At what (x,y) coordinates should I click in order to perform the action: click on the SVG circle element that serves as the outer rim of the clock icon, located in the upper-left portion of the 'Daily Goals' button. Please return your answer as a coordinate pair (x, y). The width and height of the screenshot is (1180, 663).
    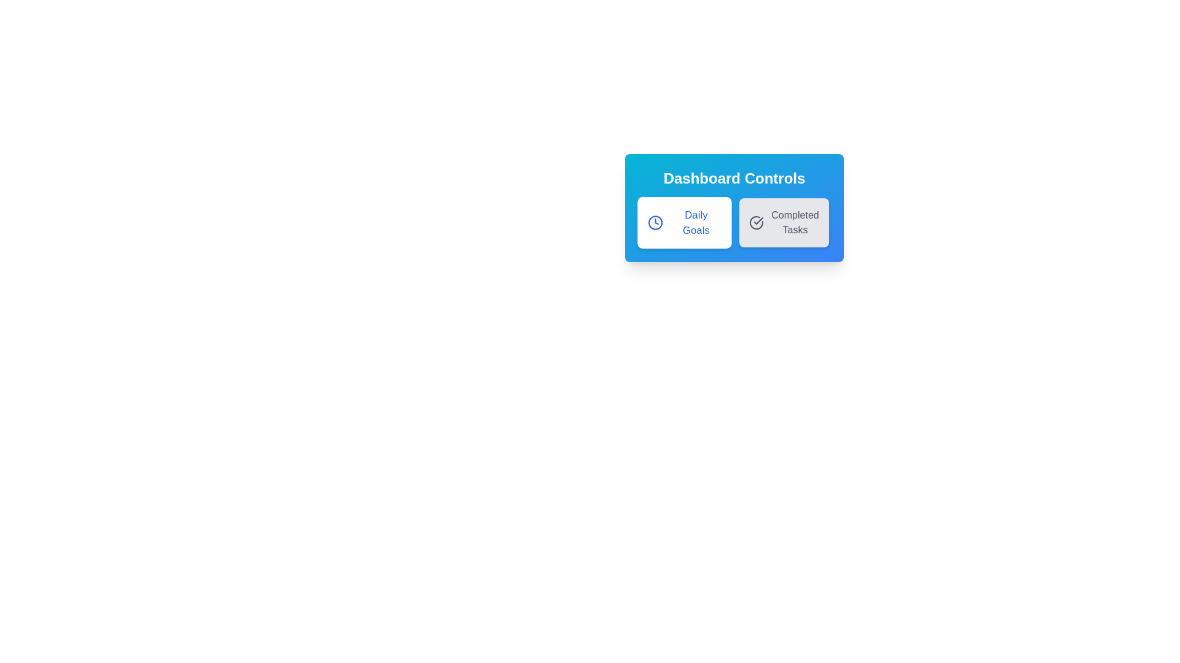
    Looking at the image, I should click on (655, 222).